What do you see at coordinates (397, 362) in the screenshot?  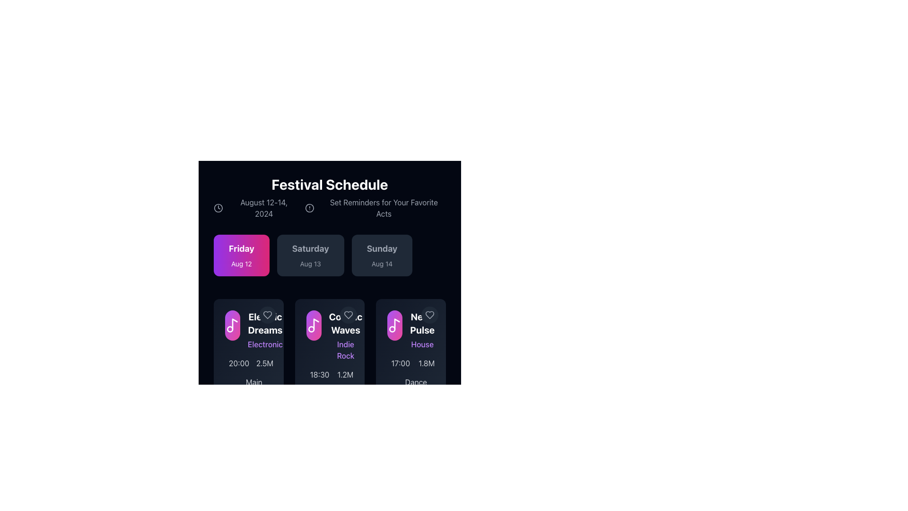 I see `the time display element showing '17:00' with a clock icon` at bounding box center [397, 362].